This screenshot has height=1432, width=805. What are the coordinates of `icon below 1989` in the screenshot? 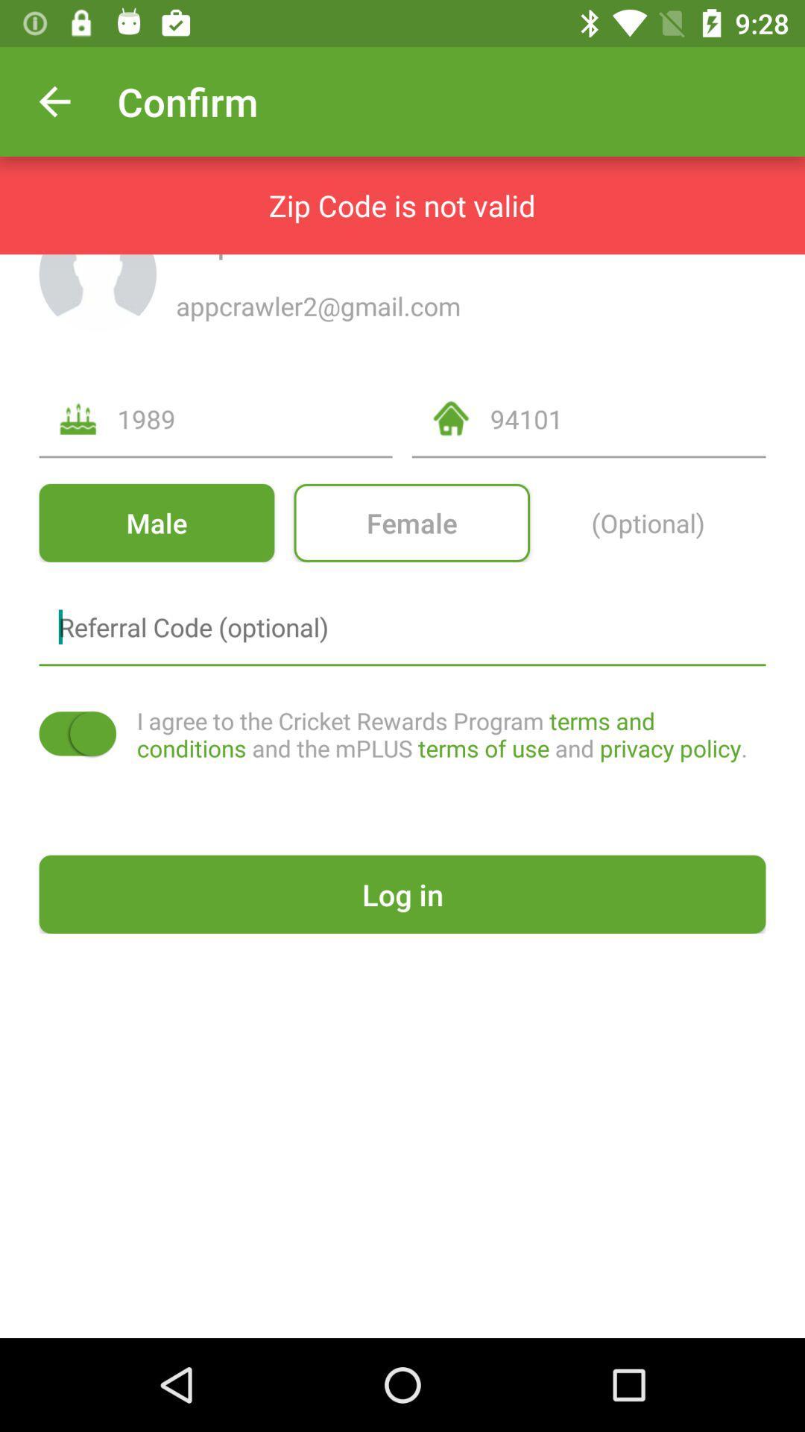 It's located at (411, 523).